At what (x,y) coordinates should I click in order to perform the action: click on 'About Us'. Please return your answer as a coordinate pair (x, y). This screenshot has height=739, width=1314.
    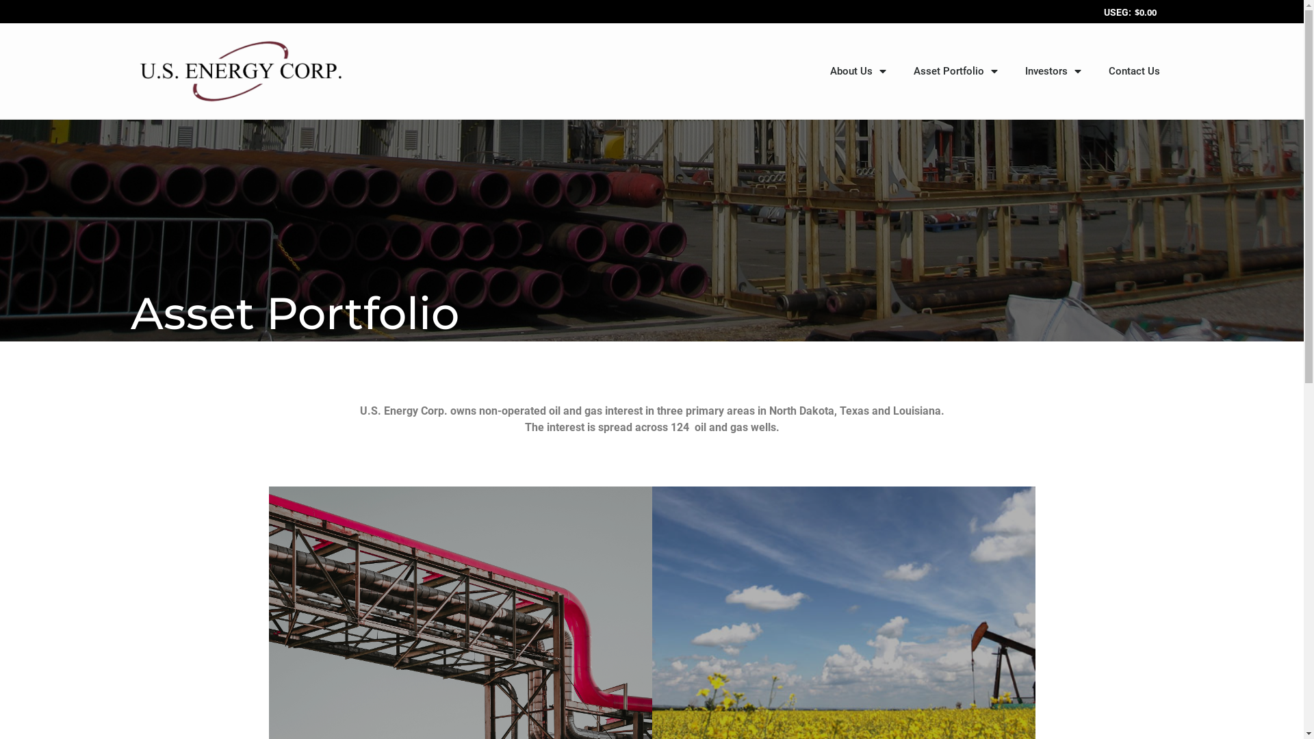
    Looking at the image, I should click on (856, 71).